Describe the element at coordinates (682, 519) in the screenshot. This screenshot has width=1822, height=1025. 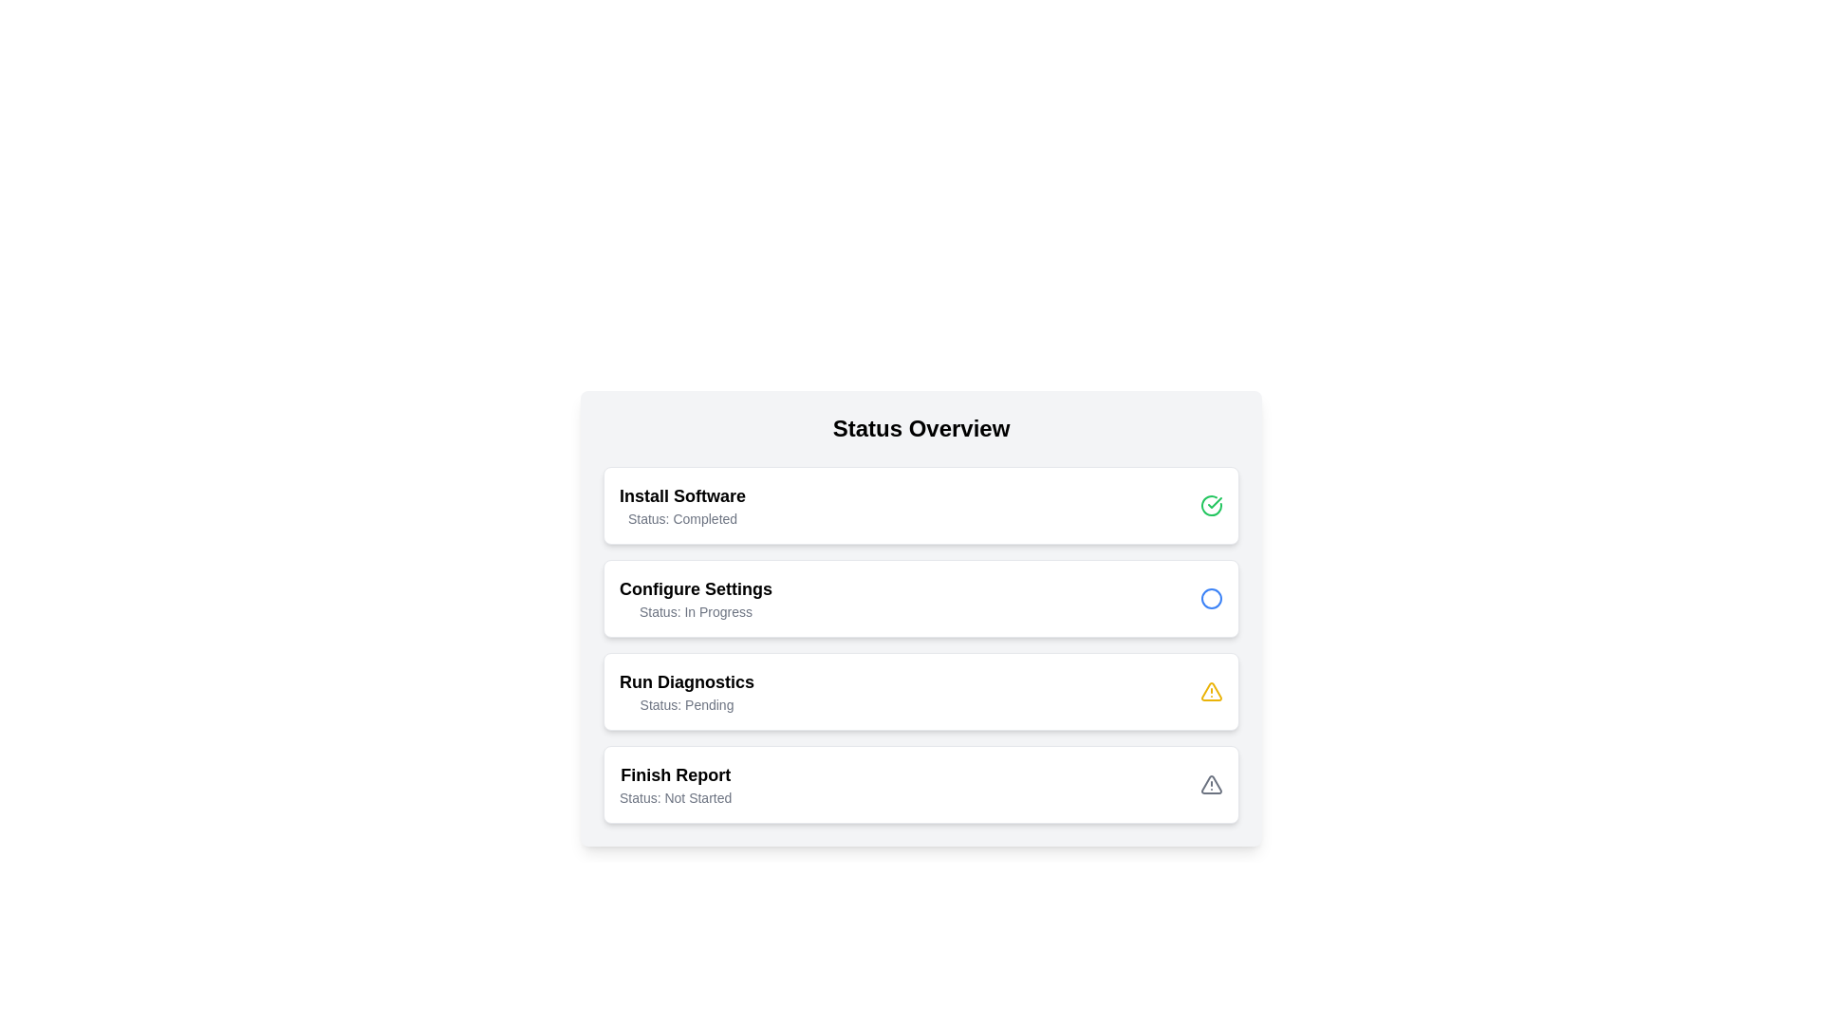
I see `the 'Status: Completed' text label, which is a small gray text displayed directly under the 'Install Software' heading` at that location.